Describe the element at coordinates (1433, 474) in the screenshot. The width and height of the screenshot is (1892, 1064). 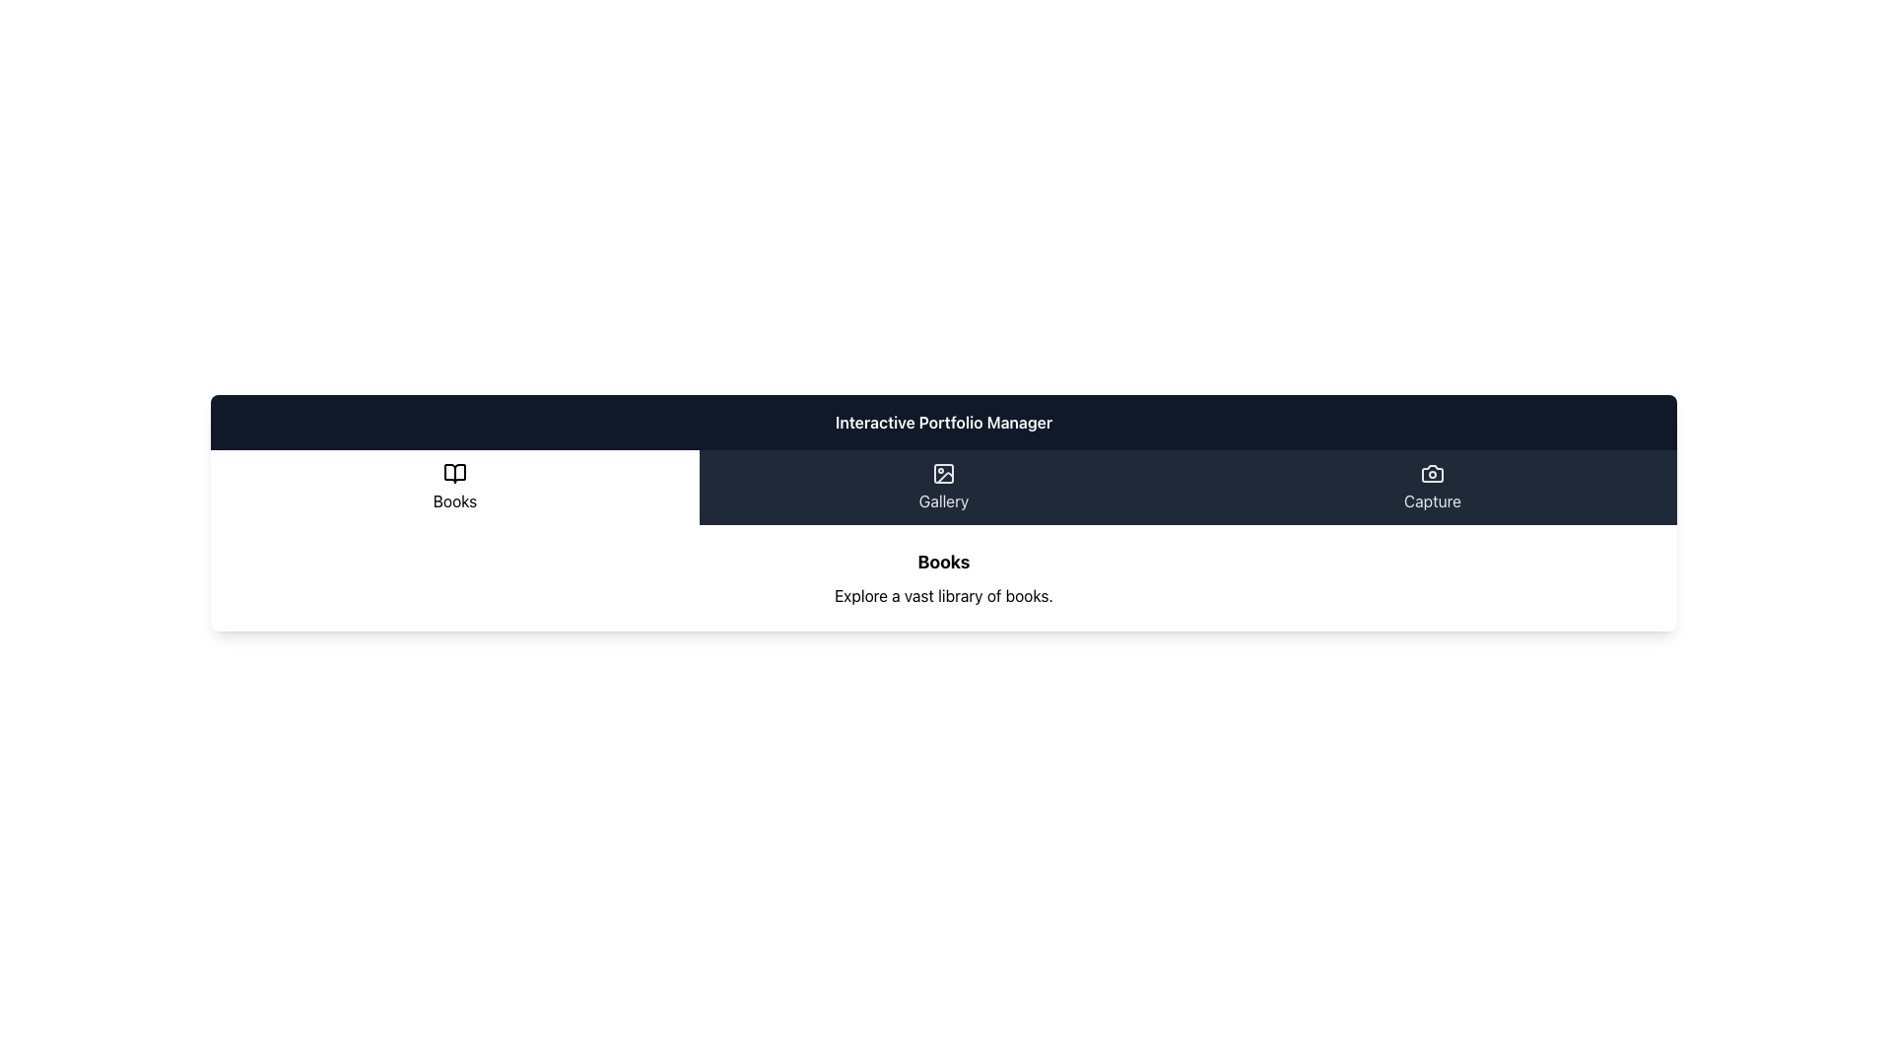
I see `the camera icon in the navigation bar under the 'Capture' section, which visually represents the 'Capture' functionality` at that location.